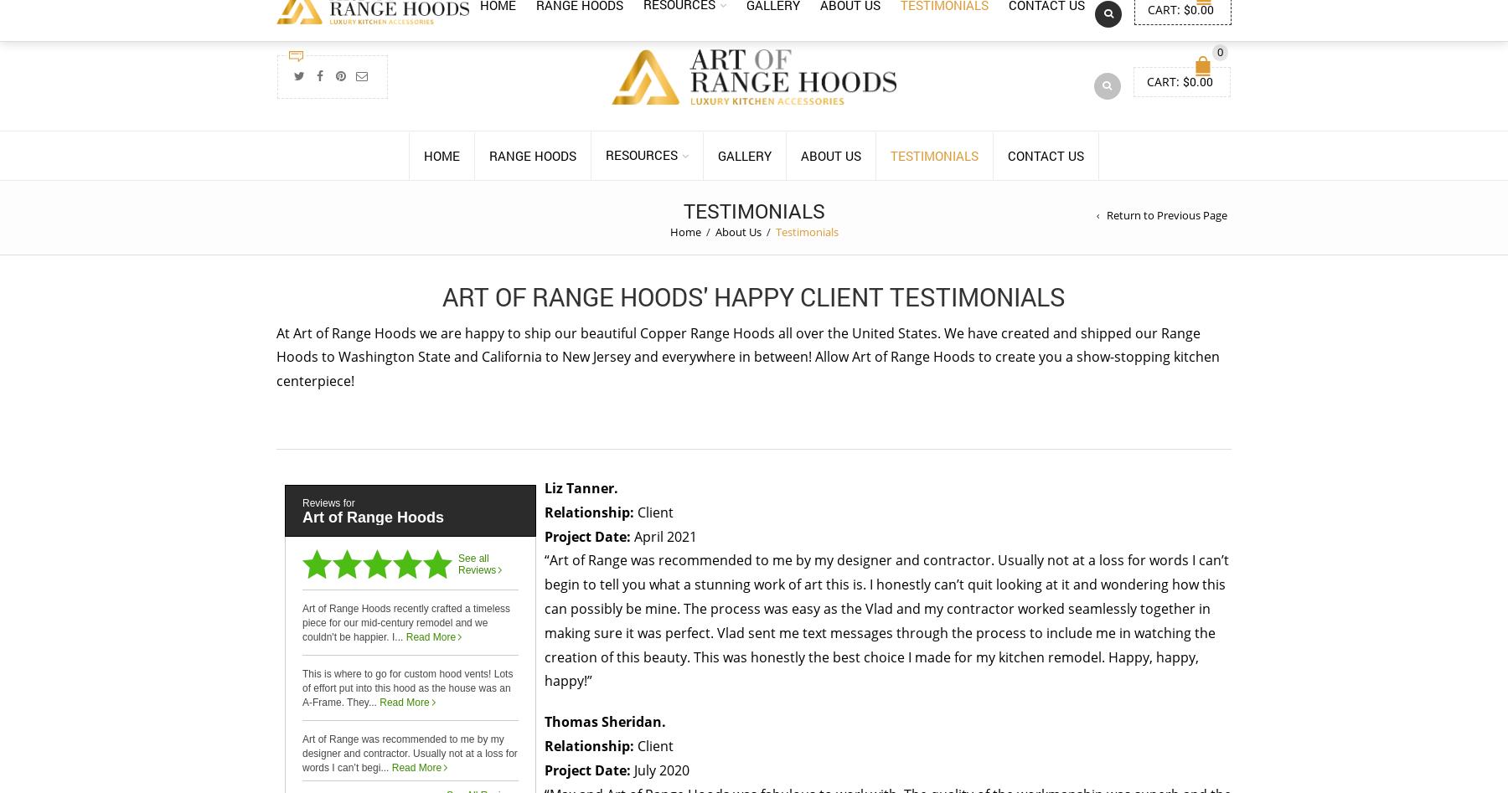 This screenshot has height=793, width=1508. Describe the element at coordinates (1046, 154) in the screenshot. I see `'Contact Us'` at that location.